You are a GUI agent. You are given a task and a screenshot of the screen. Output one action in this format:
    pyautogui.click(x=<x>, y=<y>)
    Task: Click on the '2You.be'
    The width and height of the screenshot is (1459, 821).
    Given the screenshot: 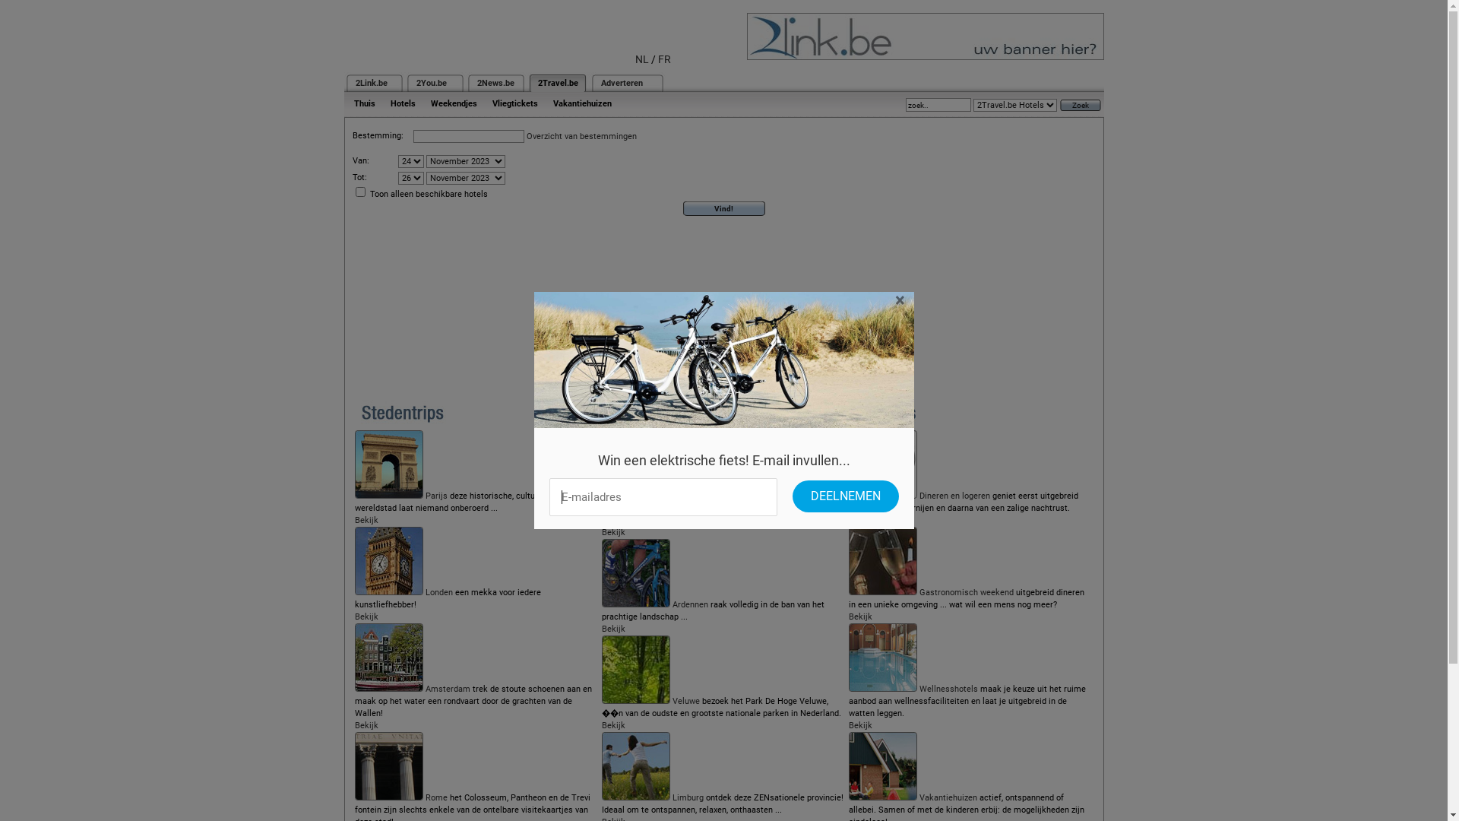 What is the action you would take?
    pyautogui.click(x=430, y=83)
    